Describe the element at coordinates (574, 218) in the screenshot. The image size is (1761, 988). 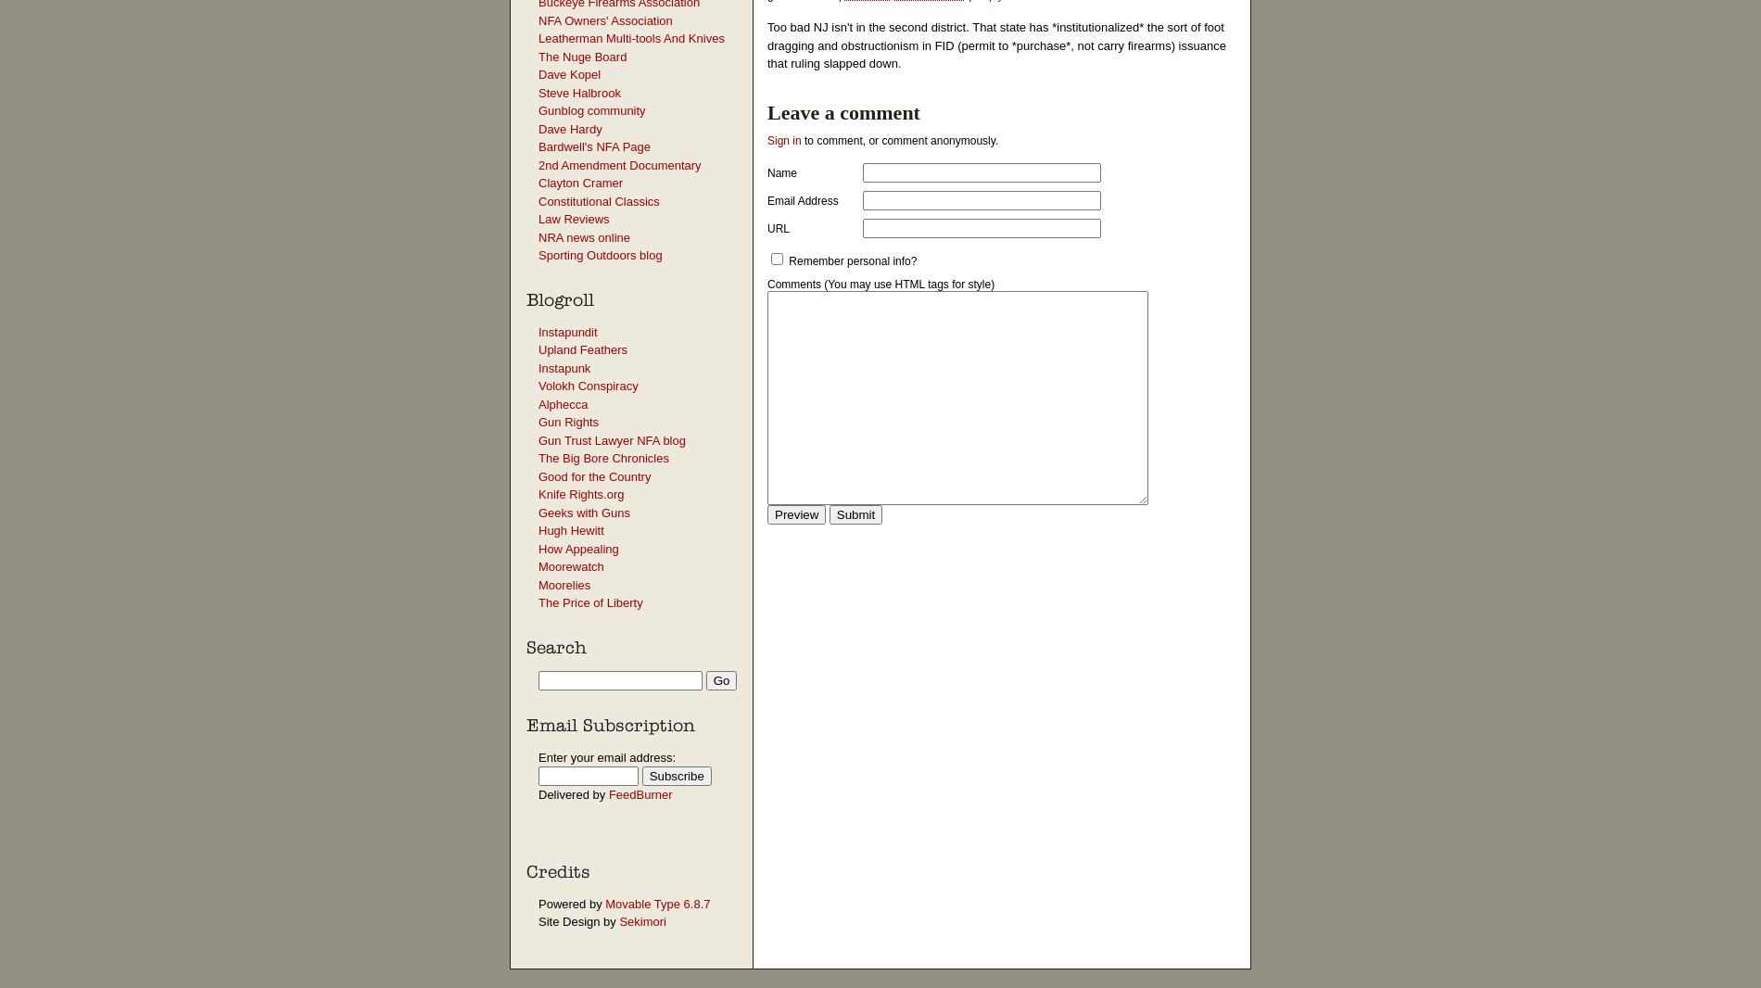
I see `'Law Reviews'` at that location.